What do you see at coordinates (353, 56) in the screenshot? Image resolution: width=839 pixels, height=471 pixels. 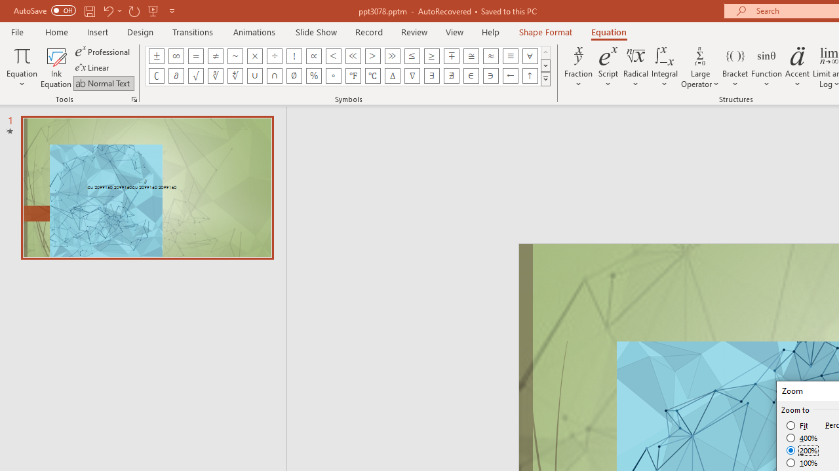 I see `'Equation Symbol Much Less Than'` at bounding box center [353, 56].